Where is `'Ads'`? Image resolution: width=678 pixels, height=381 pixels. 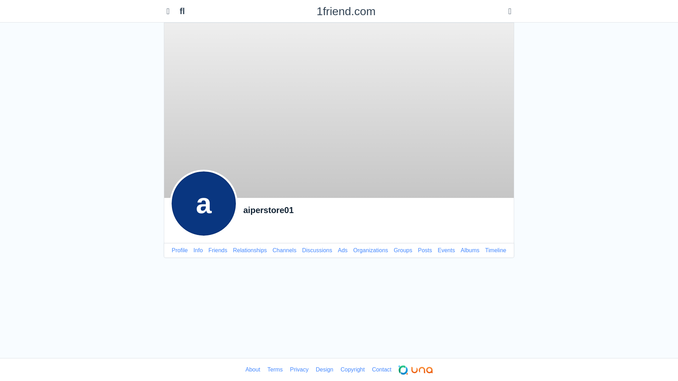
'Ads' is located at coordinates (343, 250).